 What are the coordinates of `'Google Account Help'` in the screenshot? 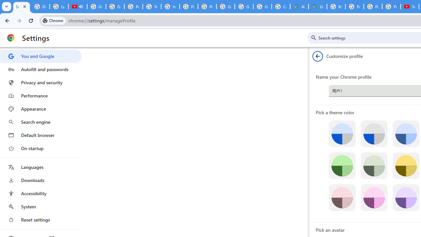 It's located at (96, 7).